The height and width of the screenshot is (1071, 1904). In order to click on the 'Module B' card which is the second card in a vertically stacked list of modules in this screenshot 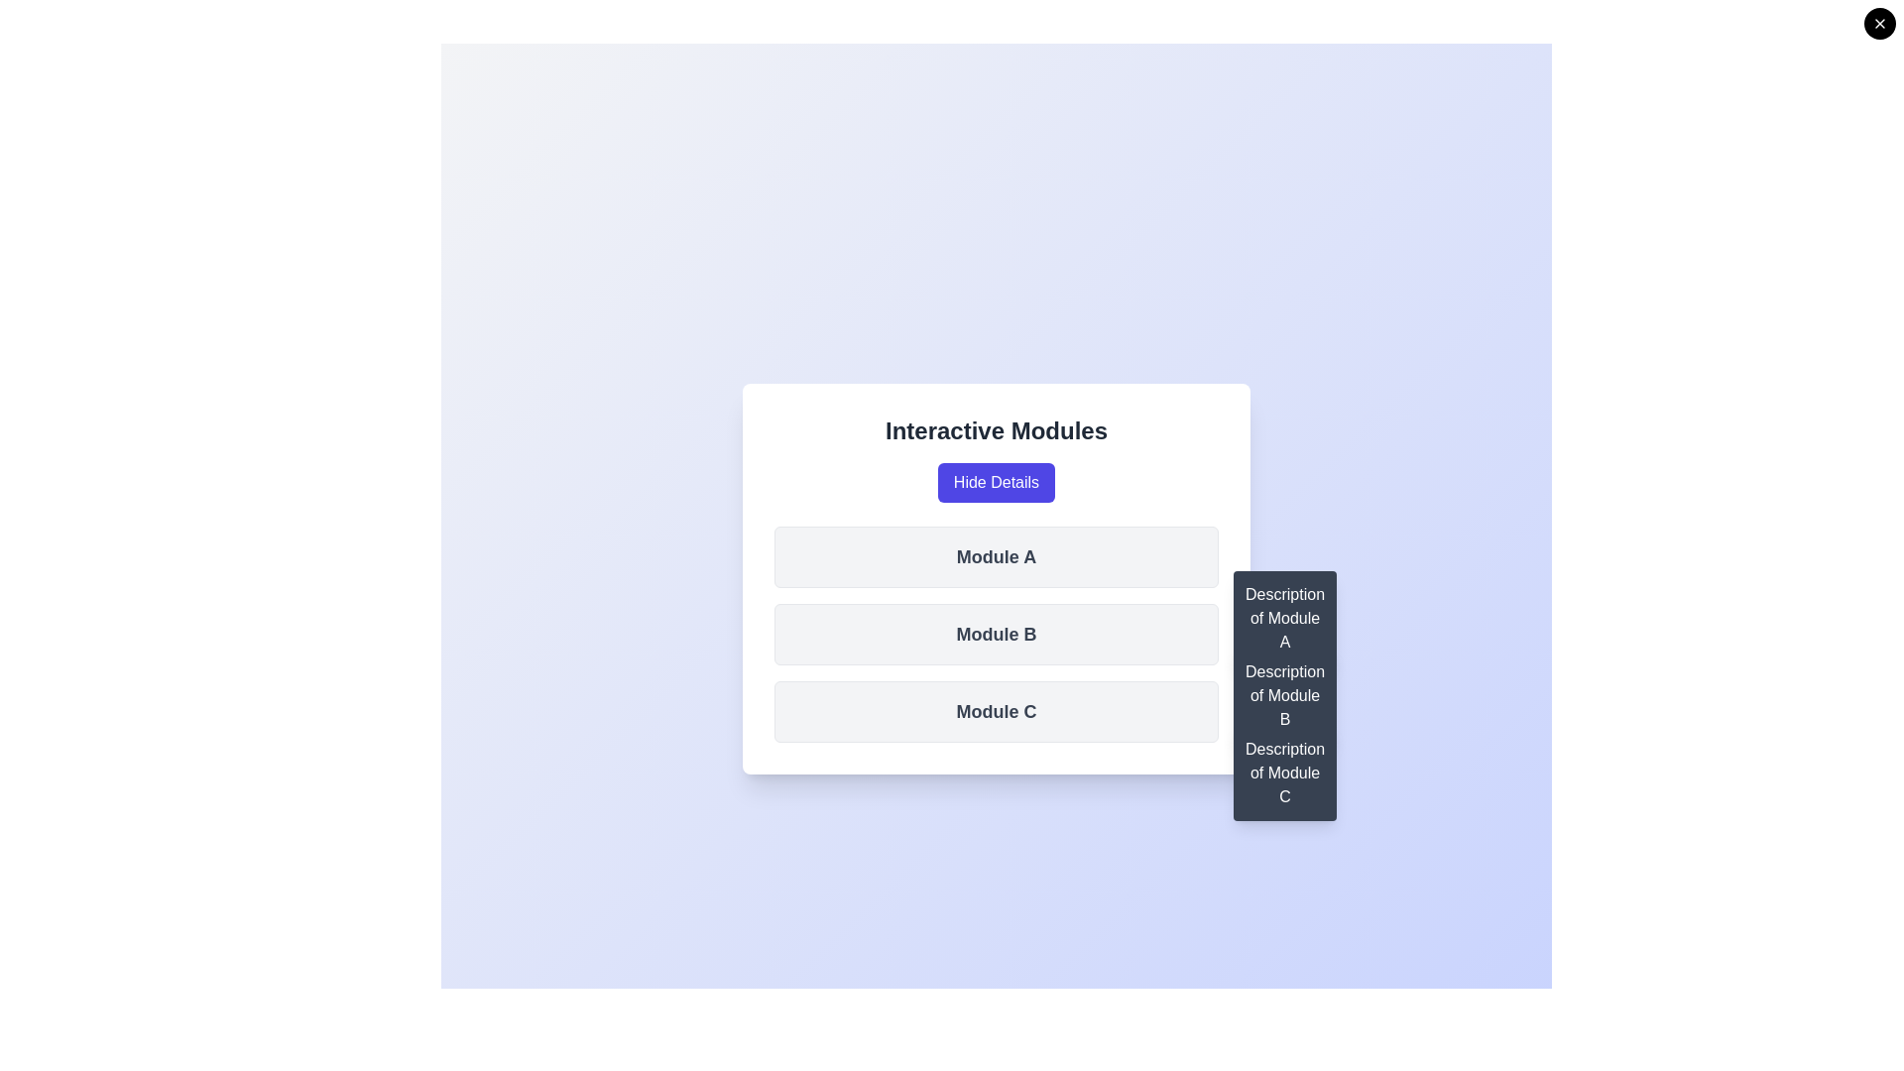, I will do `click(996, 635)`.